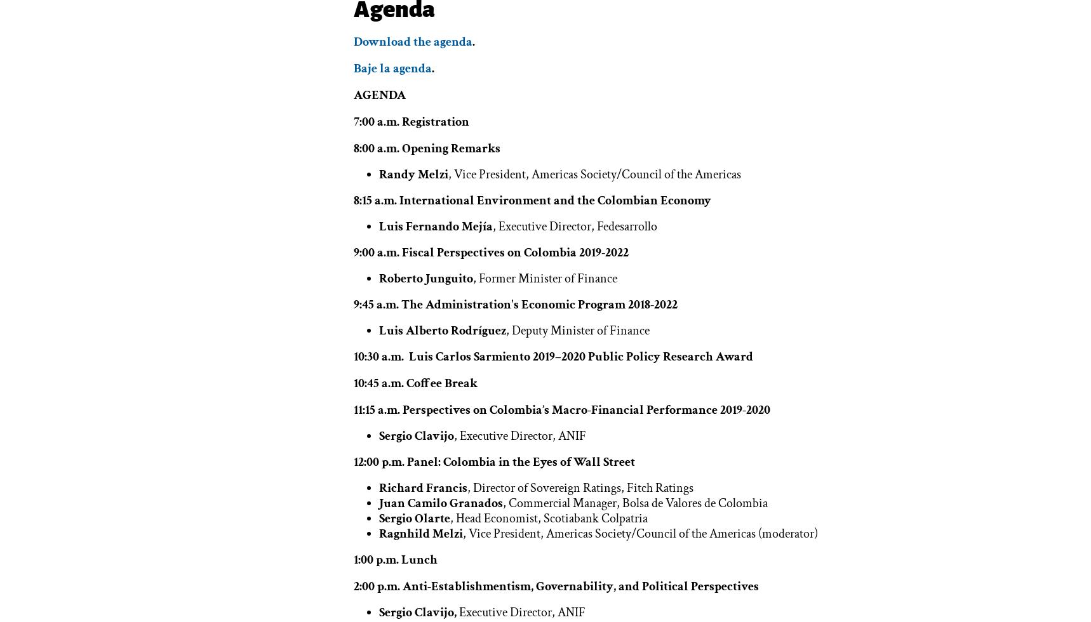 This screenshot has width=1091, height=622. Describe the element at coordinates (378, 518) in the screenshot. I see `'Sergio Olarte'` at that location.